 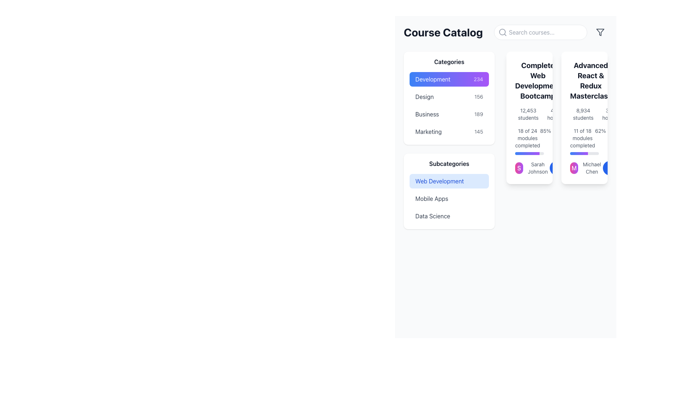 What do you see at coordinates (584, 141) in the screenshot?
I see `the Information Display Component that shows progress for the 'Advanced React & Redux Masterclass' course` at bounding box center [584, 141].